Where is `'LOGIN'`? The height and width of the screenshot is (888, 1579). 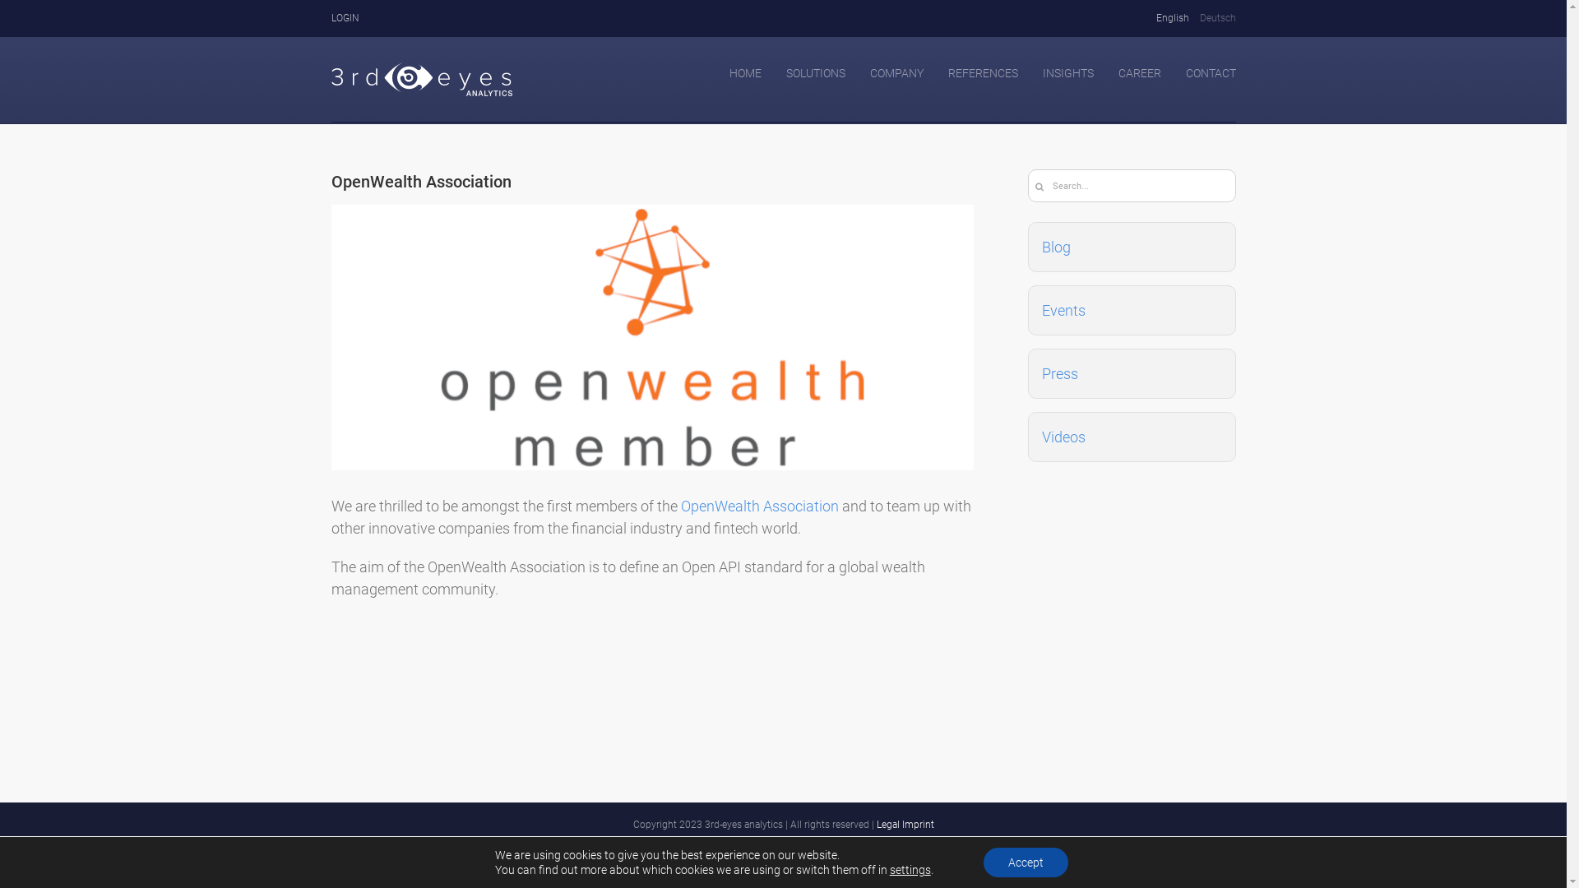
'LOGIN' is located at coordinates (343, 18).